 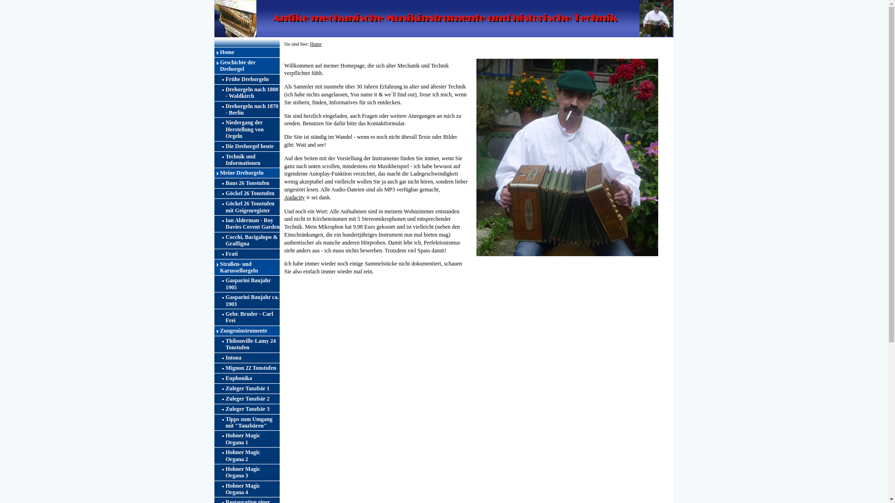 I want to click on 'Thibouville-Lamy 24 Tonstufen', so click(x=247, y=344).